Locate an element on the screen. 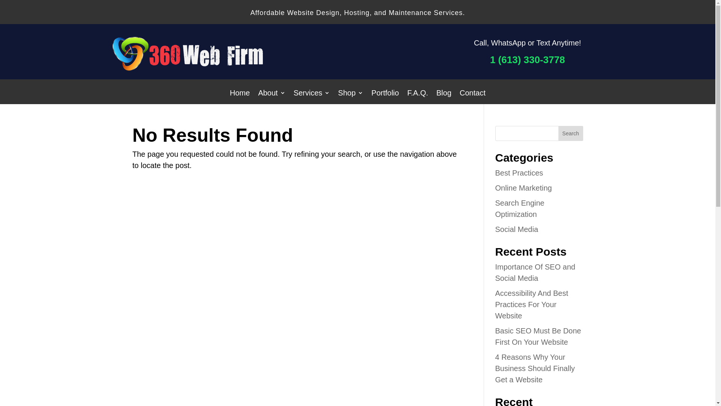 The height and width of the screenshot is (406, 721). 'F.A.Q.' is located at coordinates (417, 94).